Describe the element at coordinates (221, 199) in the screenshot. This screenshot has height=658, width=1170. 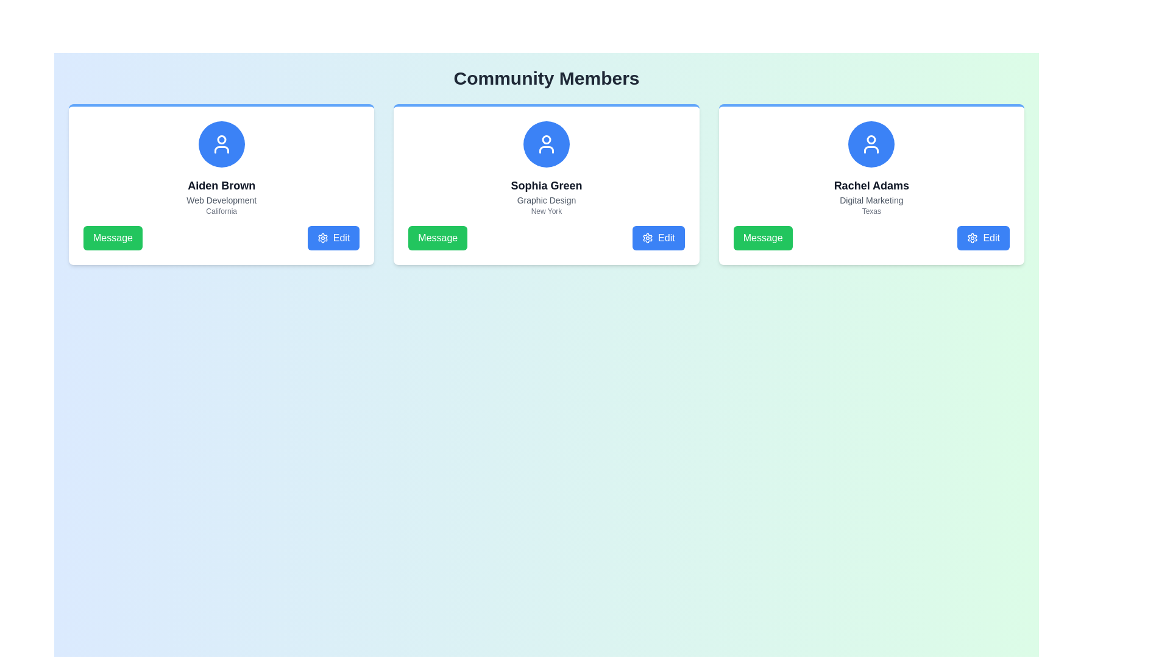
I see `text label displaying 'Web Development' located below the main title 'Aiden Brown' in gray font within the card` at that location.